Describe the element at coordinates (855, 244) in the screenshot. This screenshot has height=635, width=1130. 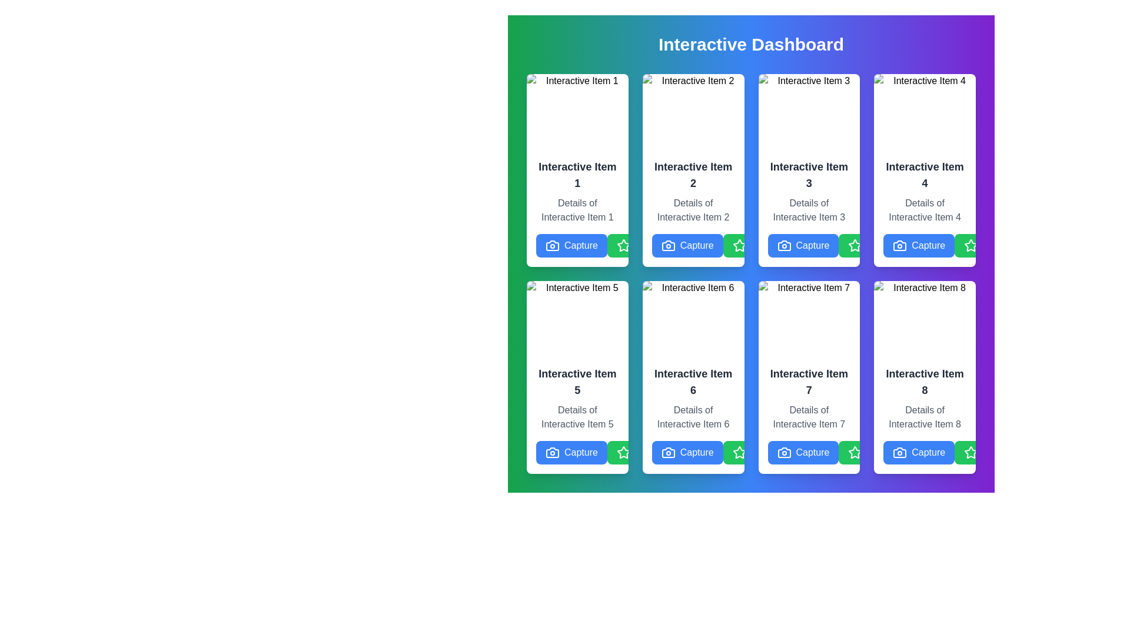
I see `the star-shaped icon located in the bottom-right corner of the card labeled 'Interactive Item 3'` at that location.